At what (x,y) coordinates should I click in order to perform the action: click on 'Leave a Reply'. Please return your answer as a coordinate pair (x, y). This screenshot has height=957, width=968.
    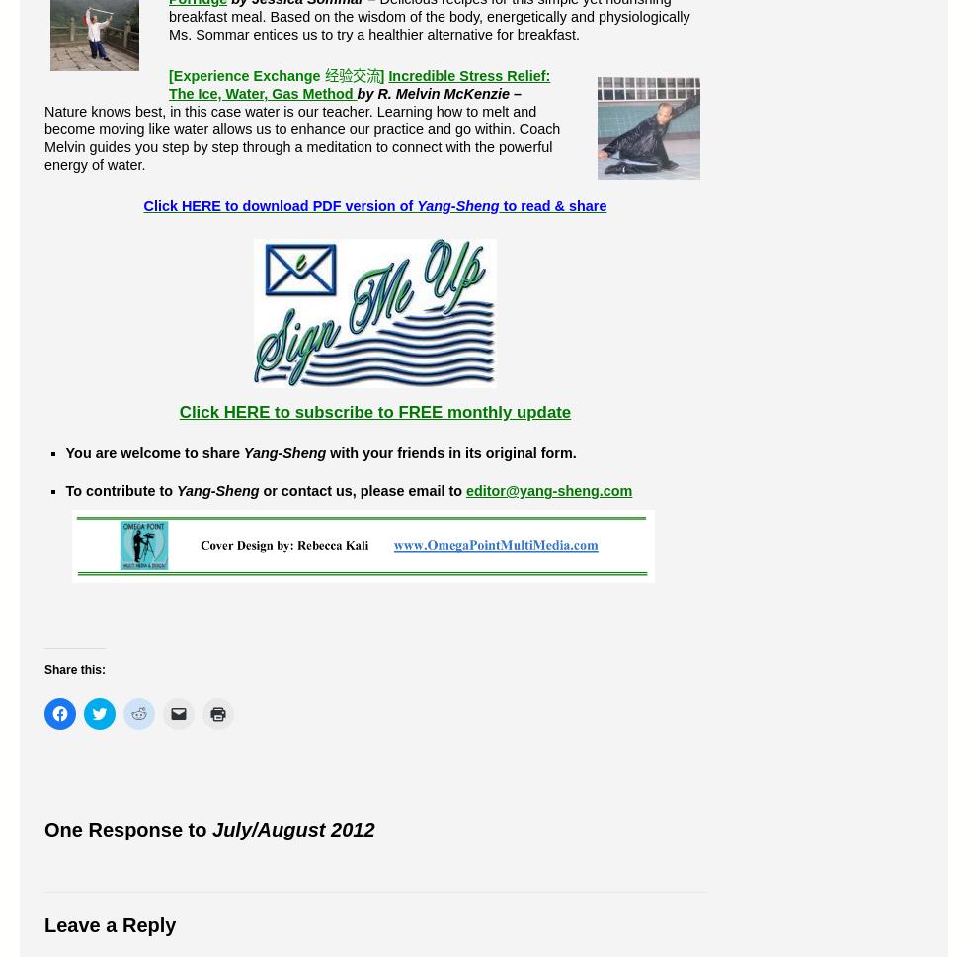
    Looking at the image, I should click on (110, 924).